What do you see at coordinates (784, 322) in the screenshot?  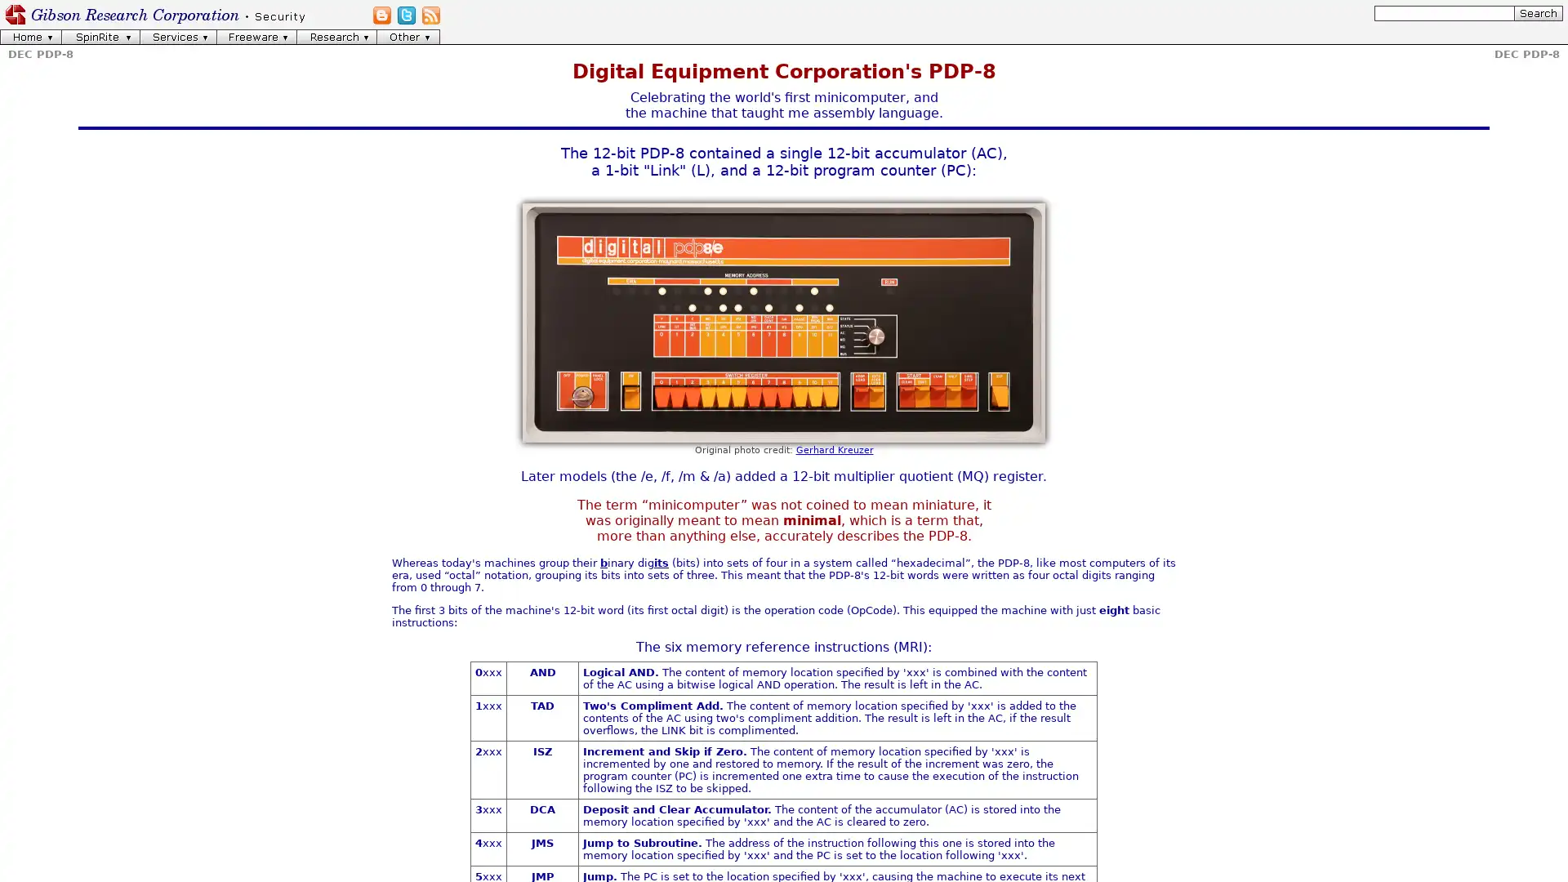 I see `PDP-8 Front Panel` at bounding box center [784, 322].